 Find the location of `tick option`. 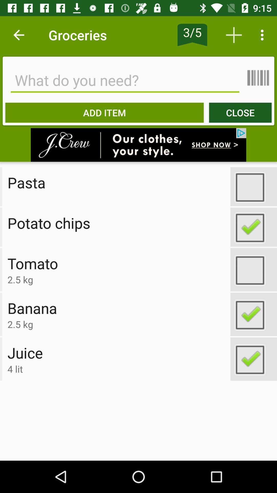

tick option is located at coordinates (253, 227).